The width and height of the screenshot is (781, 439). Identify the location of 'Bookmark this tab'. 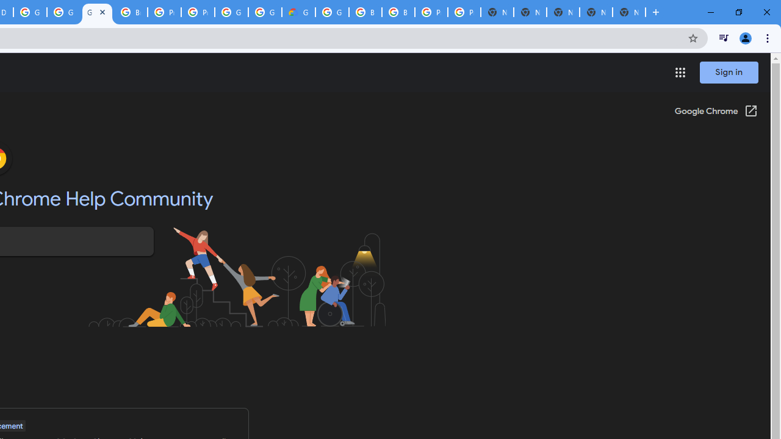
(693, 37).